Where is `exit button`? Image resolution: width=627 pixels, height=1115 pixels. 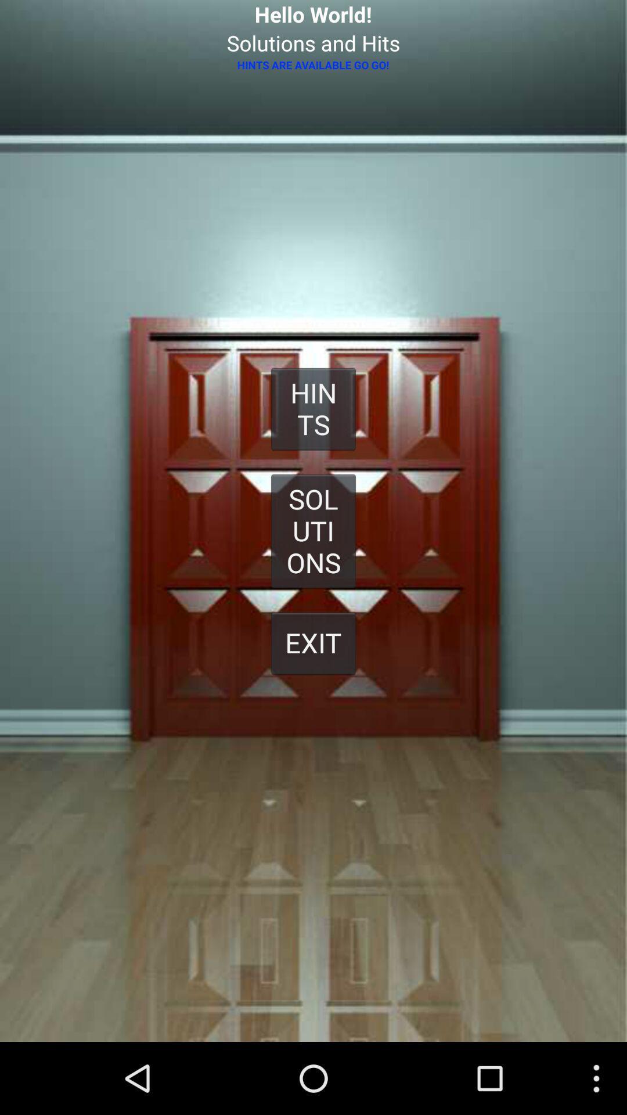 exit button is located at coordinates (313, 642).